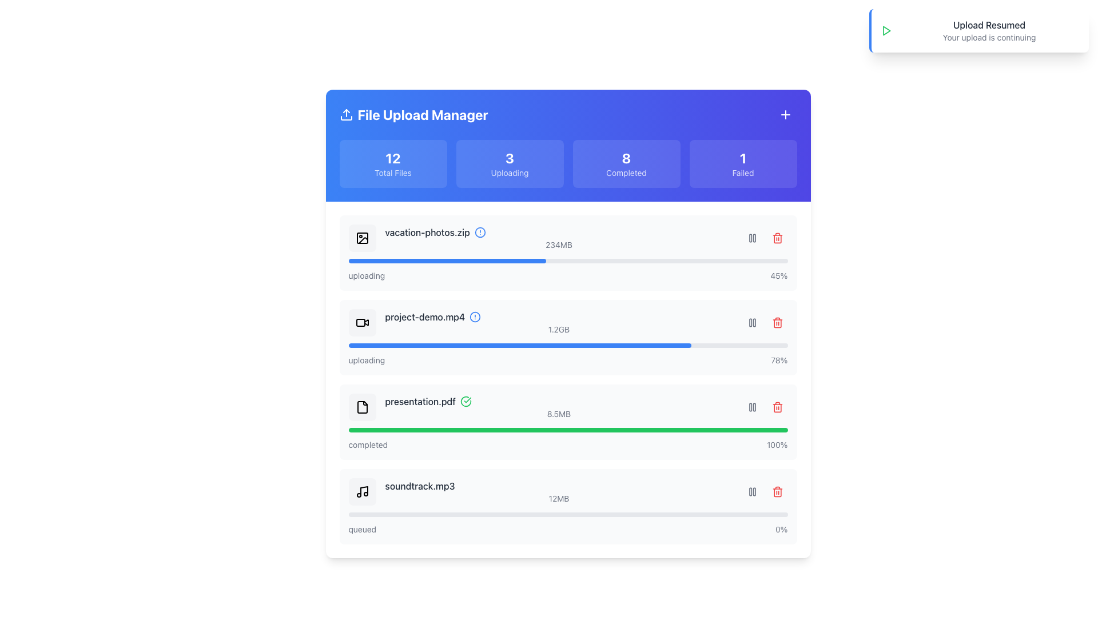  Describe the element at coordinates (777, 492) in the screenshot. I see `the opening segment of the trash can icon located on the far right of the file row, which is used to trigger the deletion of associated items` at that location.